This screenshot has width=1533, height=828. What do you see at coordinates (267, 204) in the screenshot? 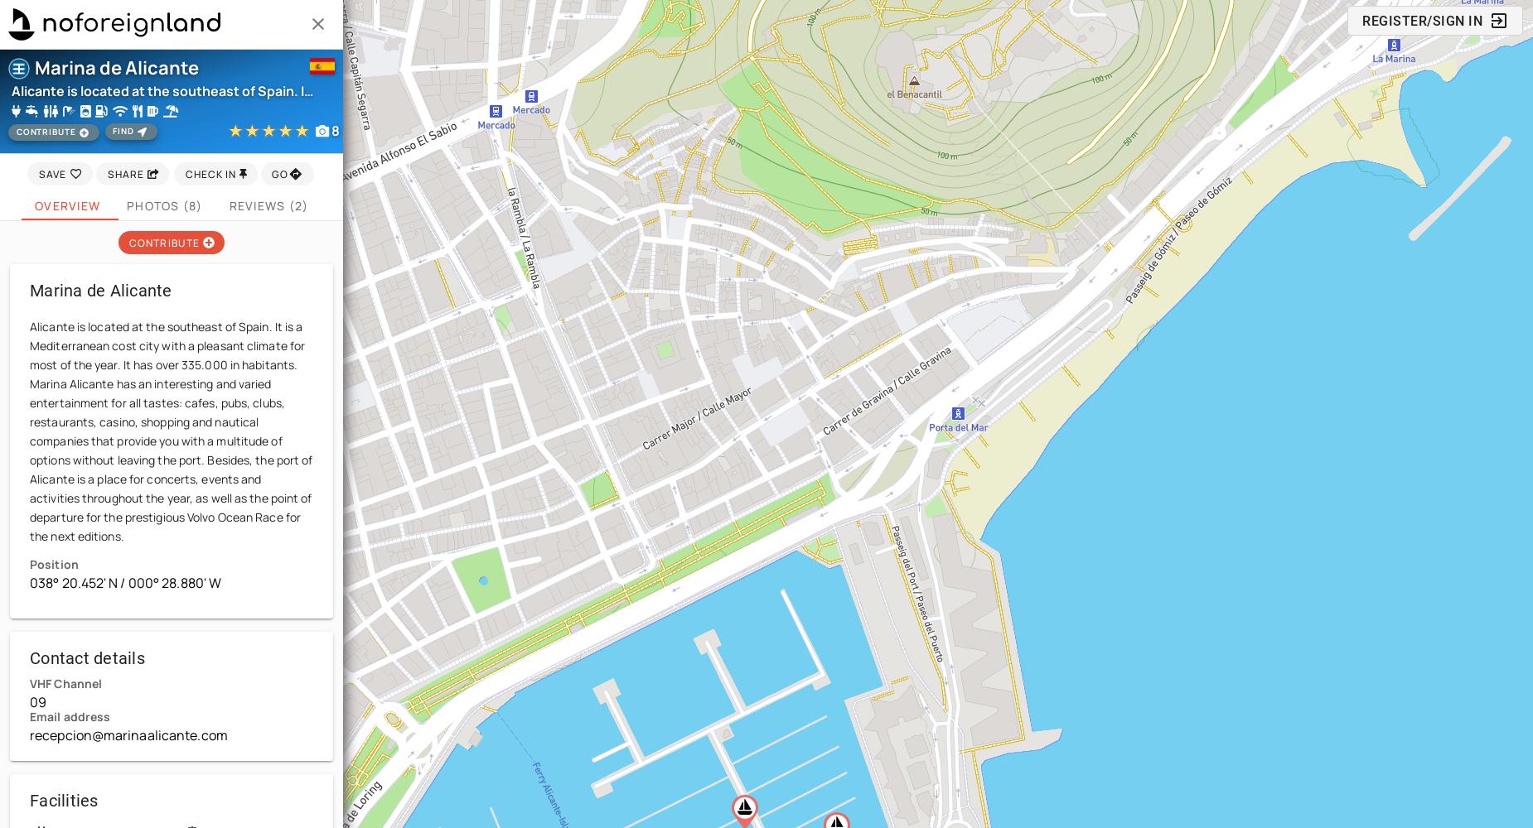
I see `'Reviews (2)'` at bounding box center [267, 204].